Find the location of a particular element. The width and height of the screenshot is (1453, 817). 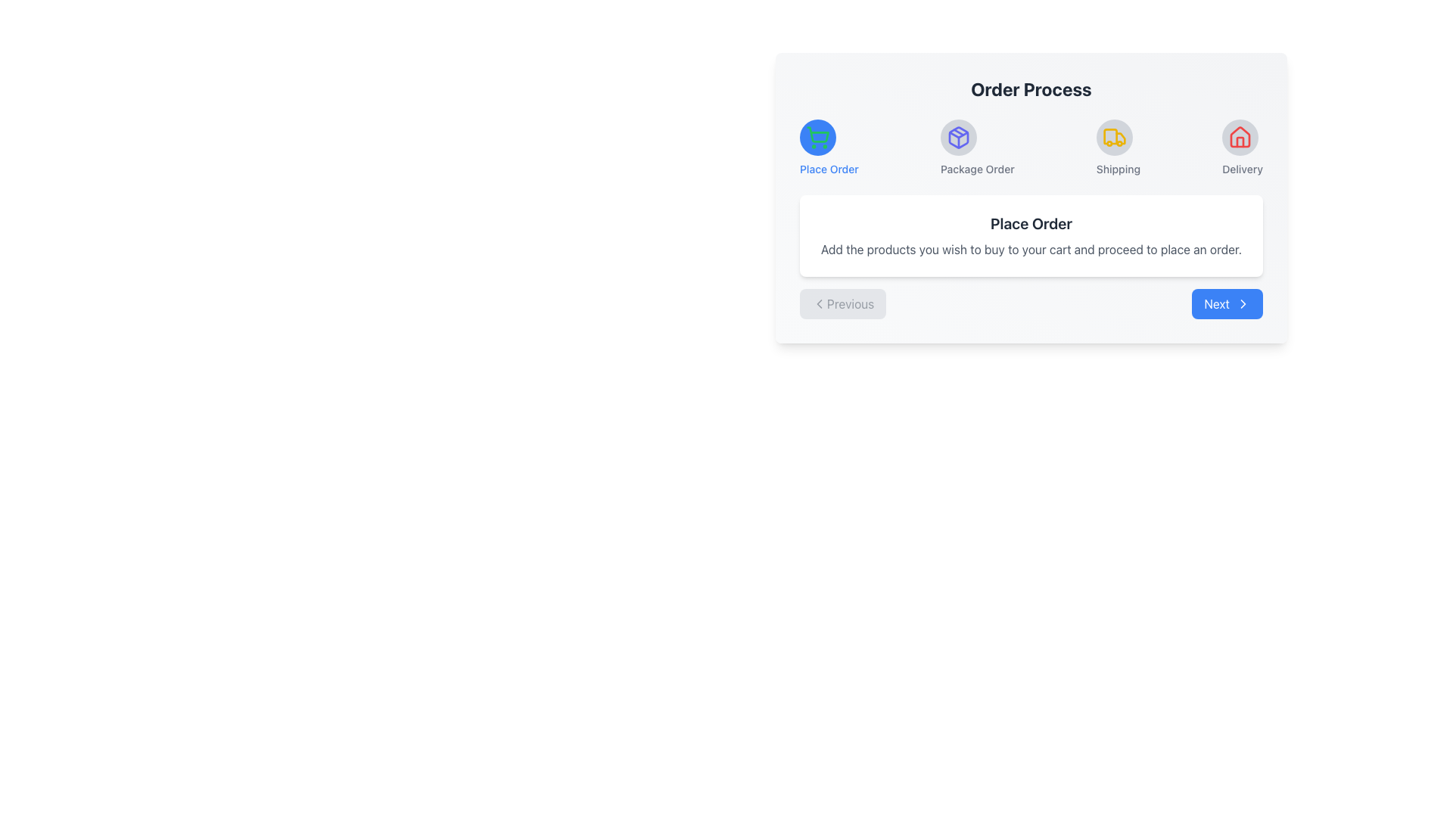

the 'Package Order' stage marker label is located at coordinates (977, 148).